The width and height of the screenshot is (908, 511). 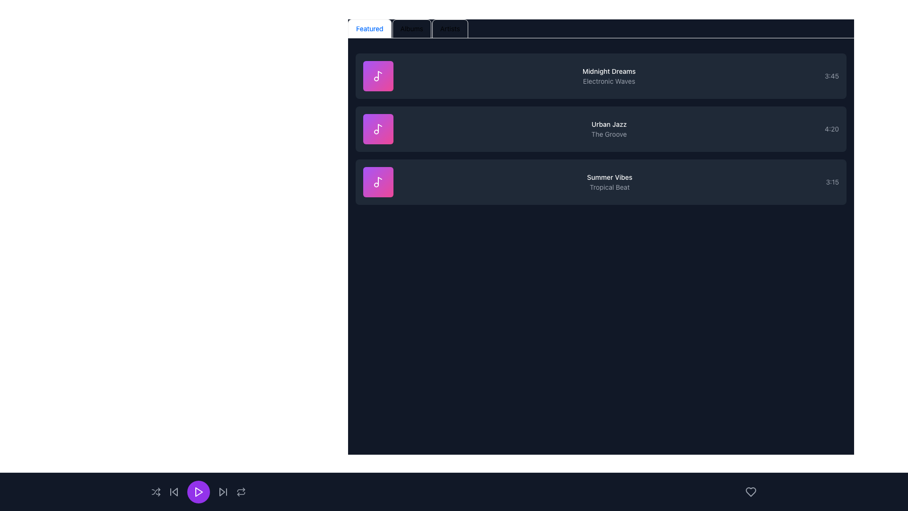 What do you see at coordinates (610, 182) in the screenshot?
I see `the text block displaying 'Summer Vibes' and 'Tropical Beat', which is centrally aligned against a dark background and positioned to the right of a square icon with a purple-pink gradient` at bounding box center [610, 182].